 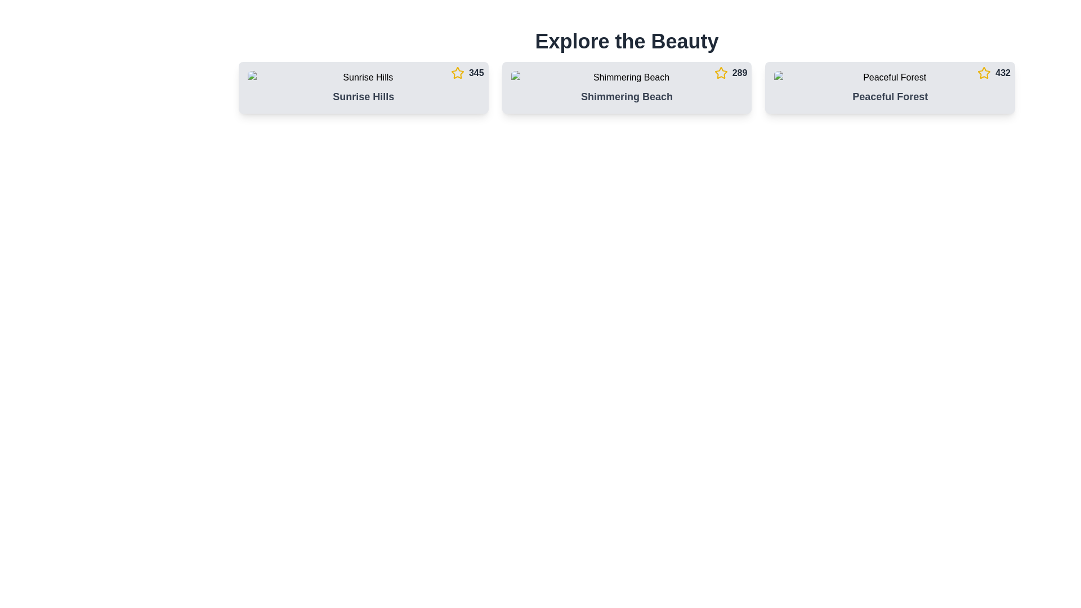 I want to click on the star icon with yellow fill and numerical text '289' in gray and bold, so click(x=730, y=73).